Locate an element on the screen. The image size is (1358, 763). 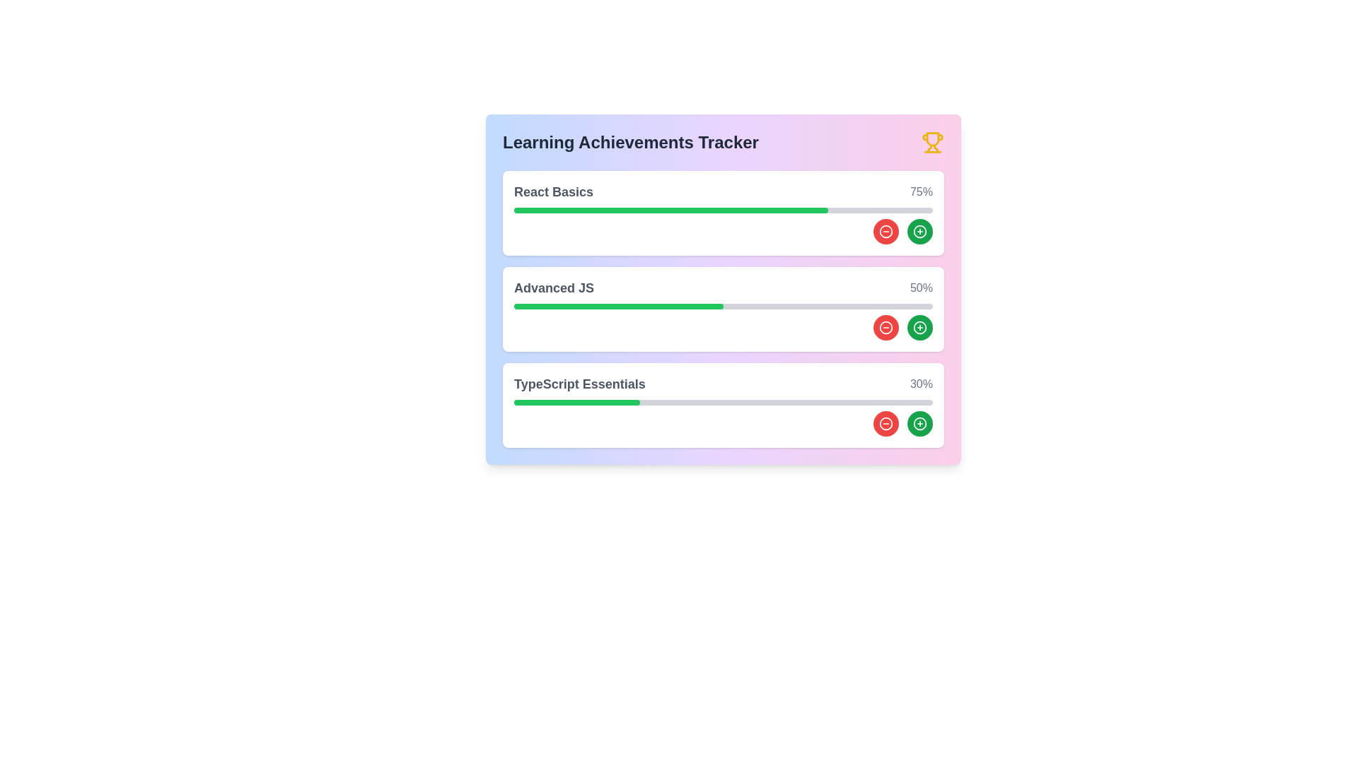
the decrement button located to the left of the green plus button in the horizontal row of interactive elements aligned to the right of the 'TypeScript Essentials' progress bar is located at coordinates (885, 423).